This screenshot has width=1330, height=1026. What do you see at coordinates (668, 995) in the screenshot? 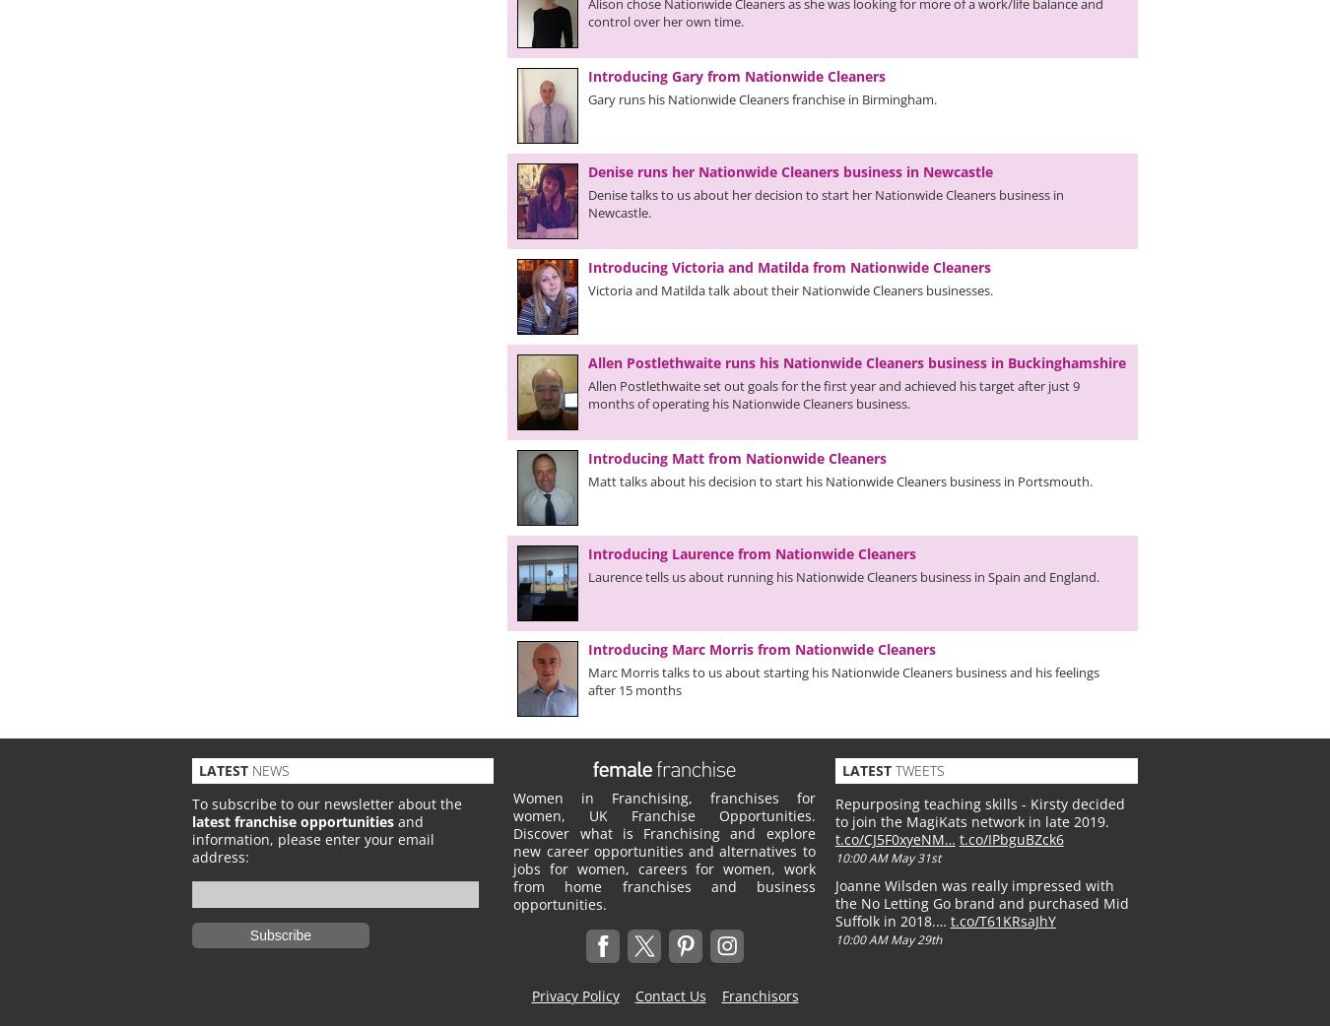
I see `'Contact Us'` at bounding box center [668, 995].